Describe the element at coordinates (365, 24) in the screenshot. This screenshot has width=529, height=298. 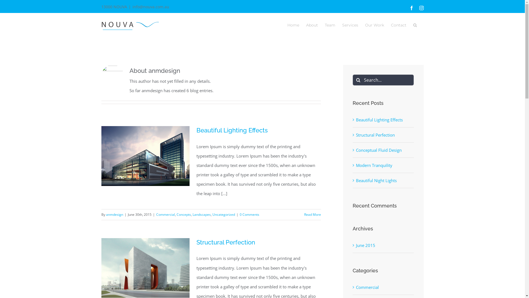
I see `'Our Work'` at that location.